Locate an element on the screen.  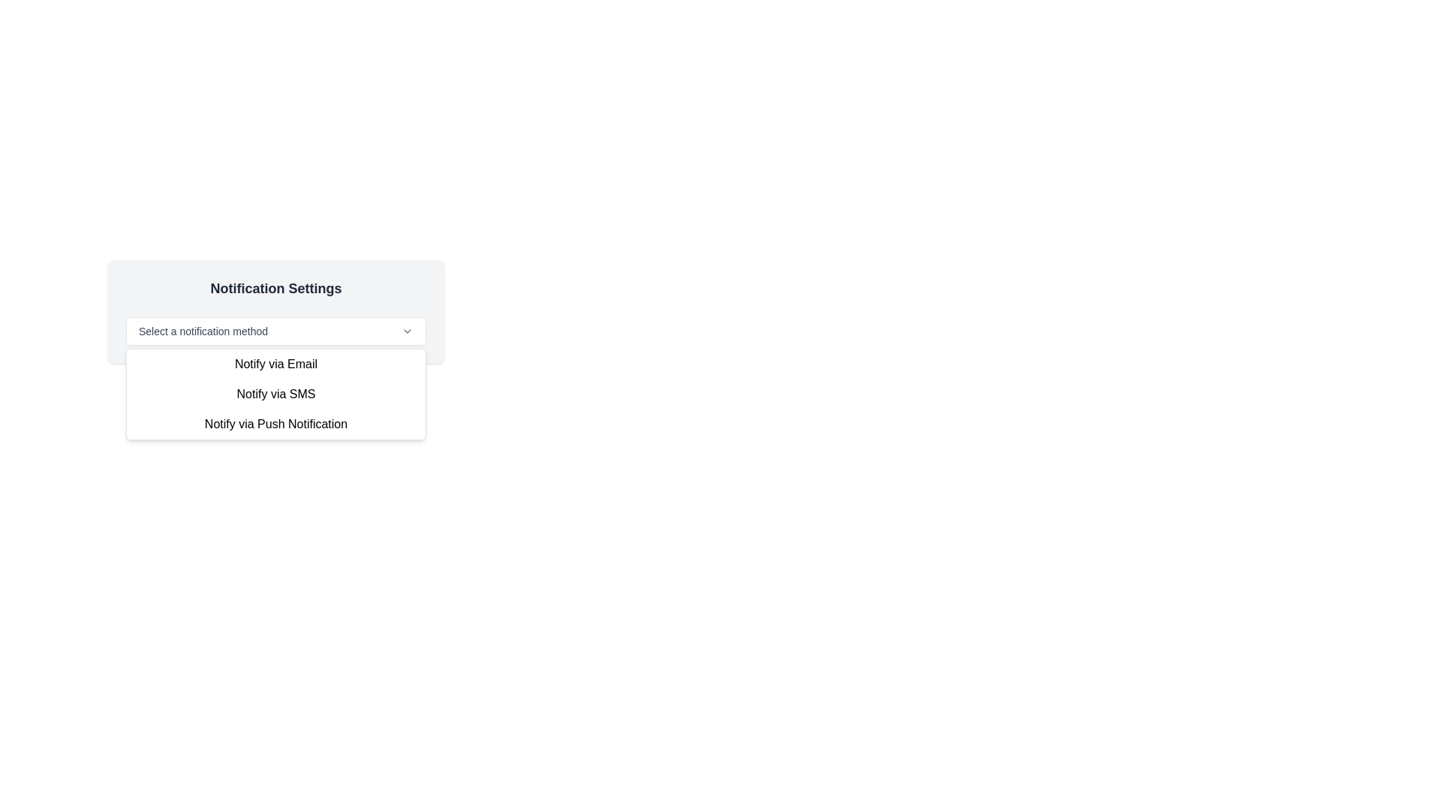
the dropdown menu labeled 'Select a notification method' in the 'Notification Settings' card is located at coordinates (276, 311).